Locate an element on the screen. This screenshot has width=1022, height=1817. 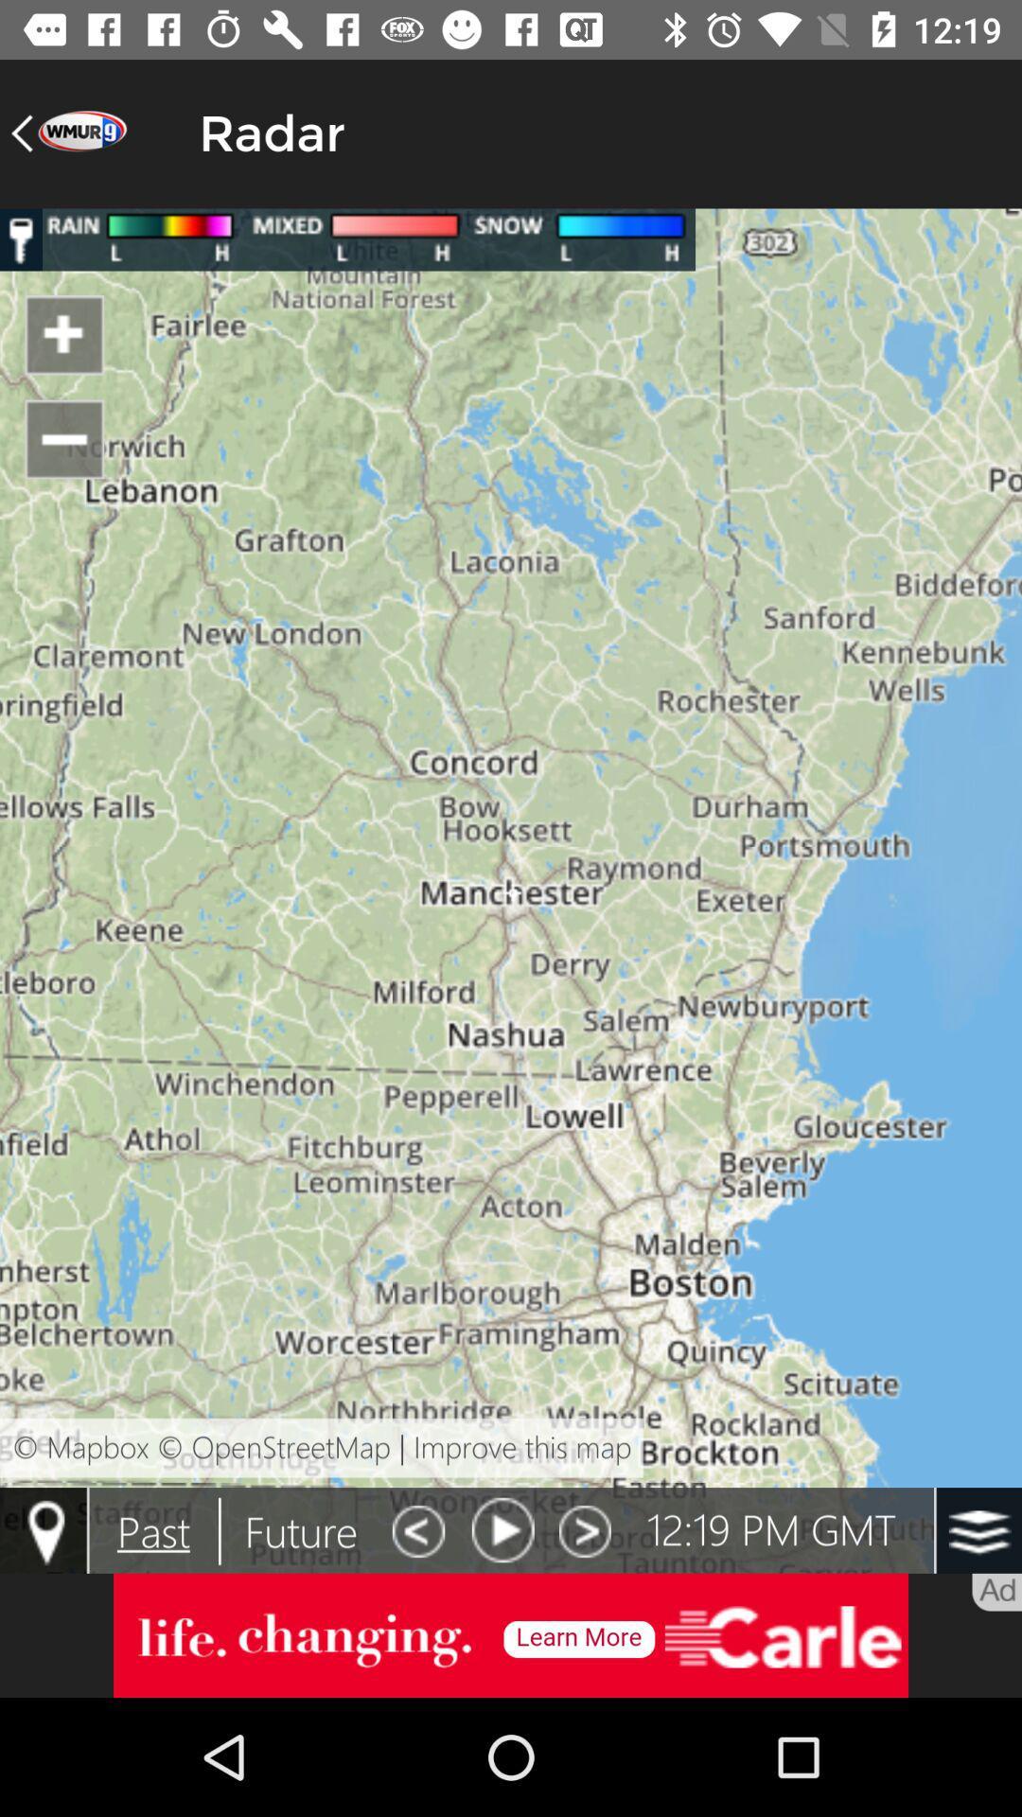
colour paga is located at coordinates (511, 890).